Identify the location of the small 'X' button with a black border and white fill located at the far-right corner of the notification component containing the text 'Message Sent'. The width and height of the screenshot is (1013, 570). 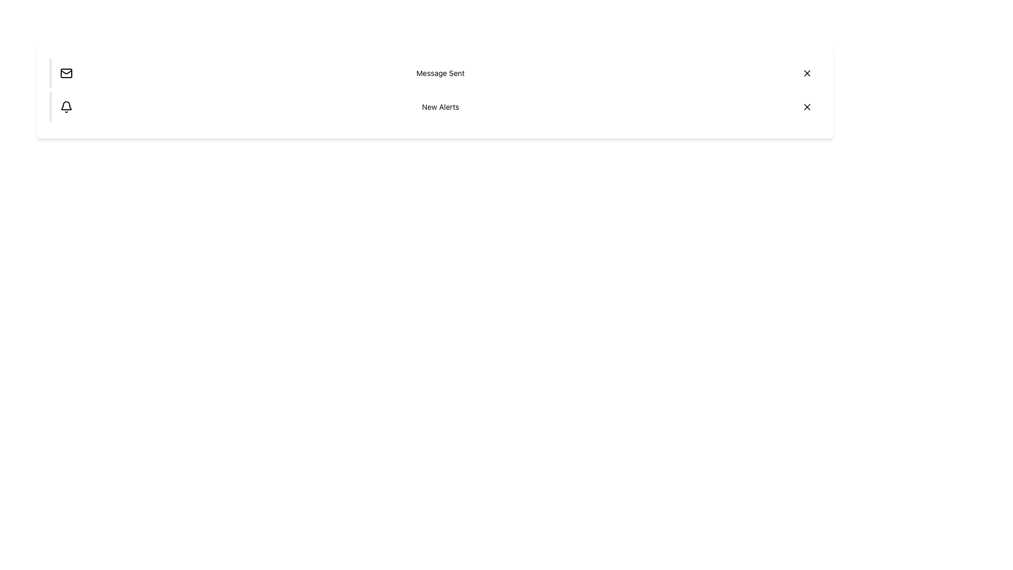
(807, 72).